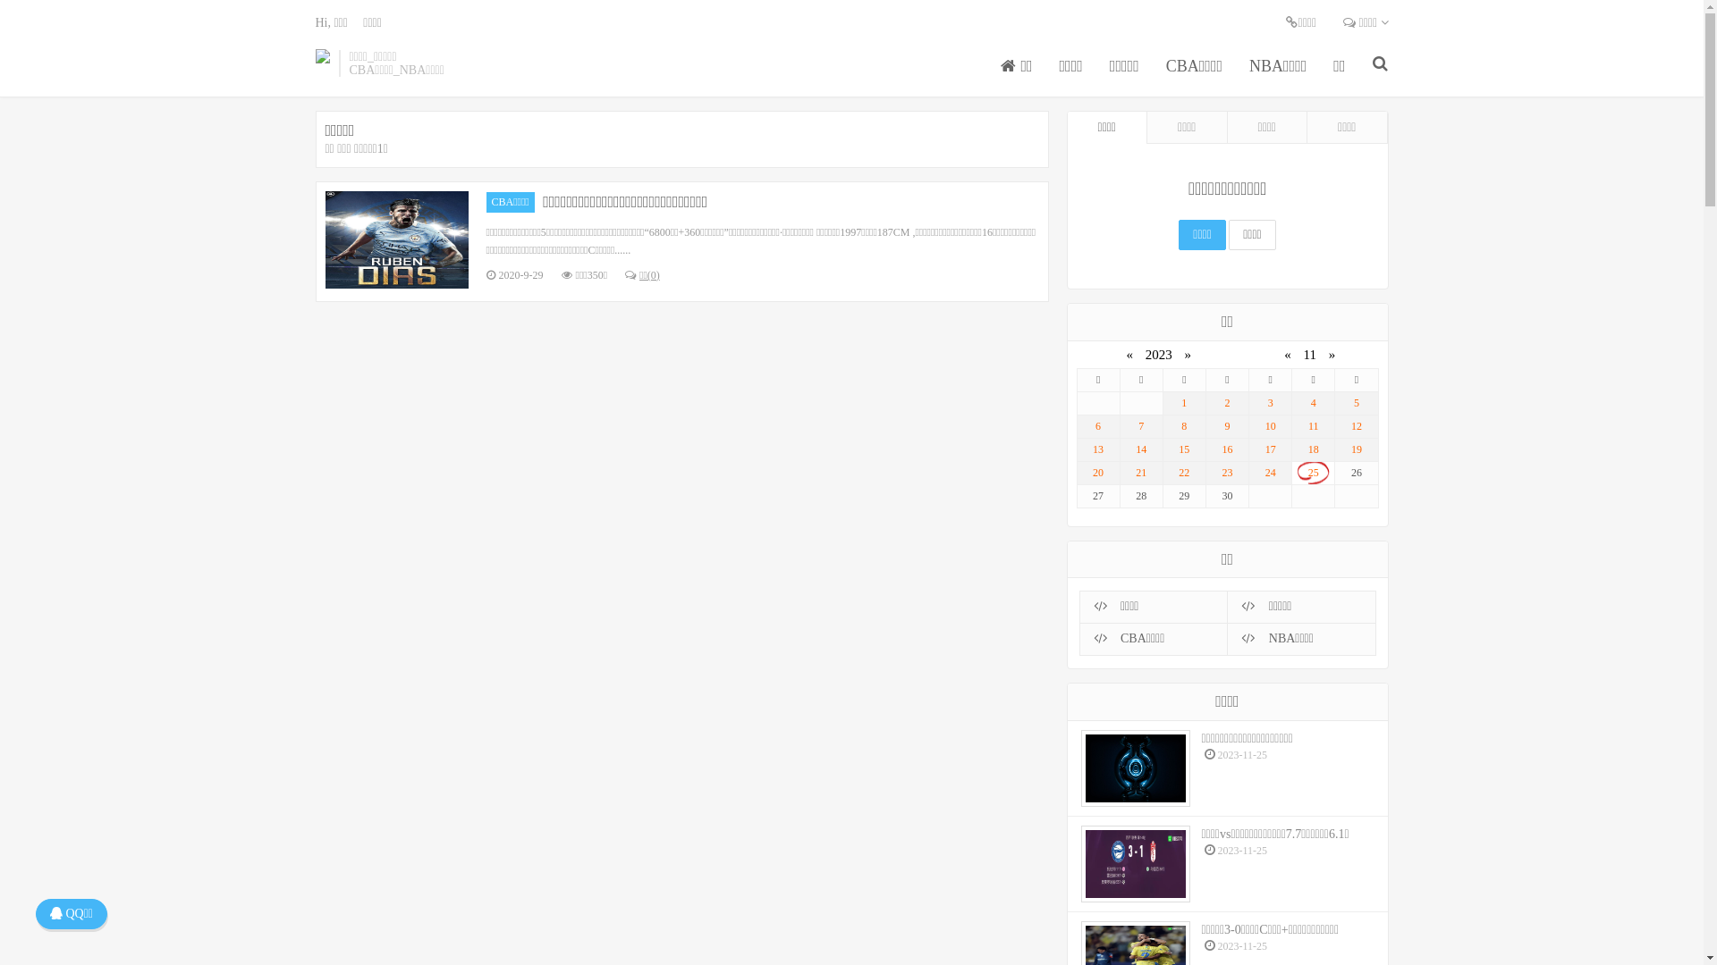  I want to click on '6', so click(1096, 426).